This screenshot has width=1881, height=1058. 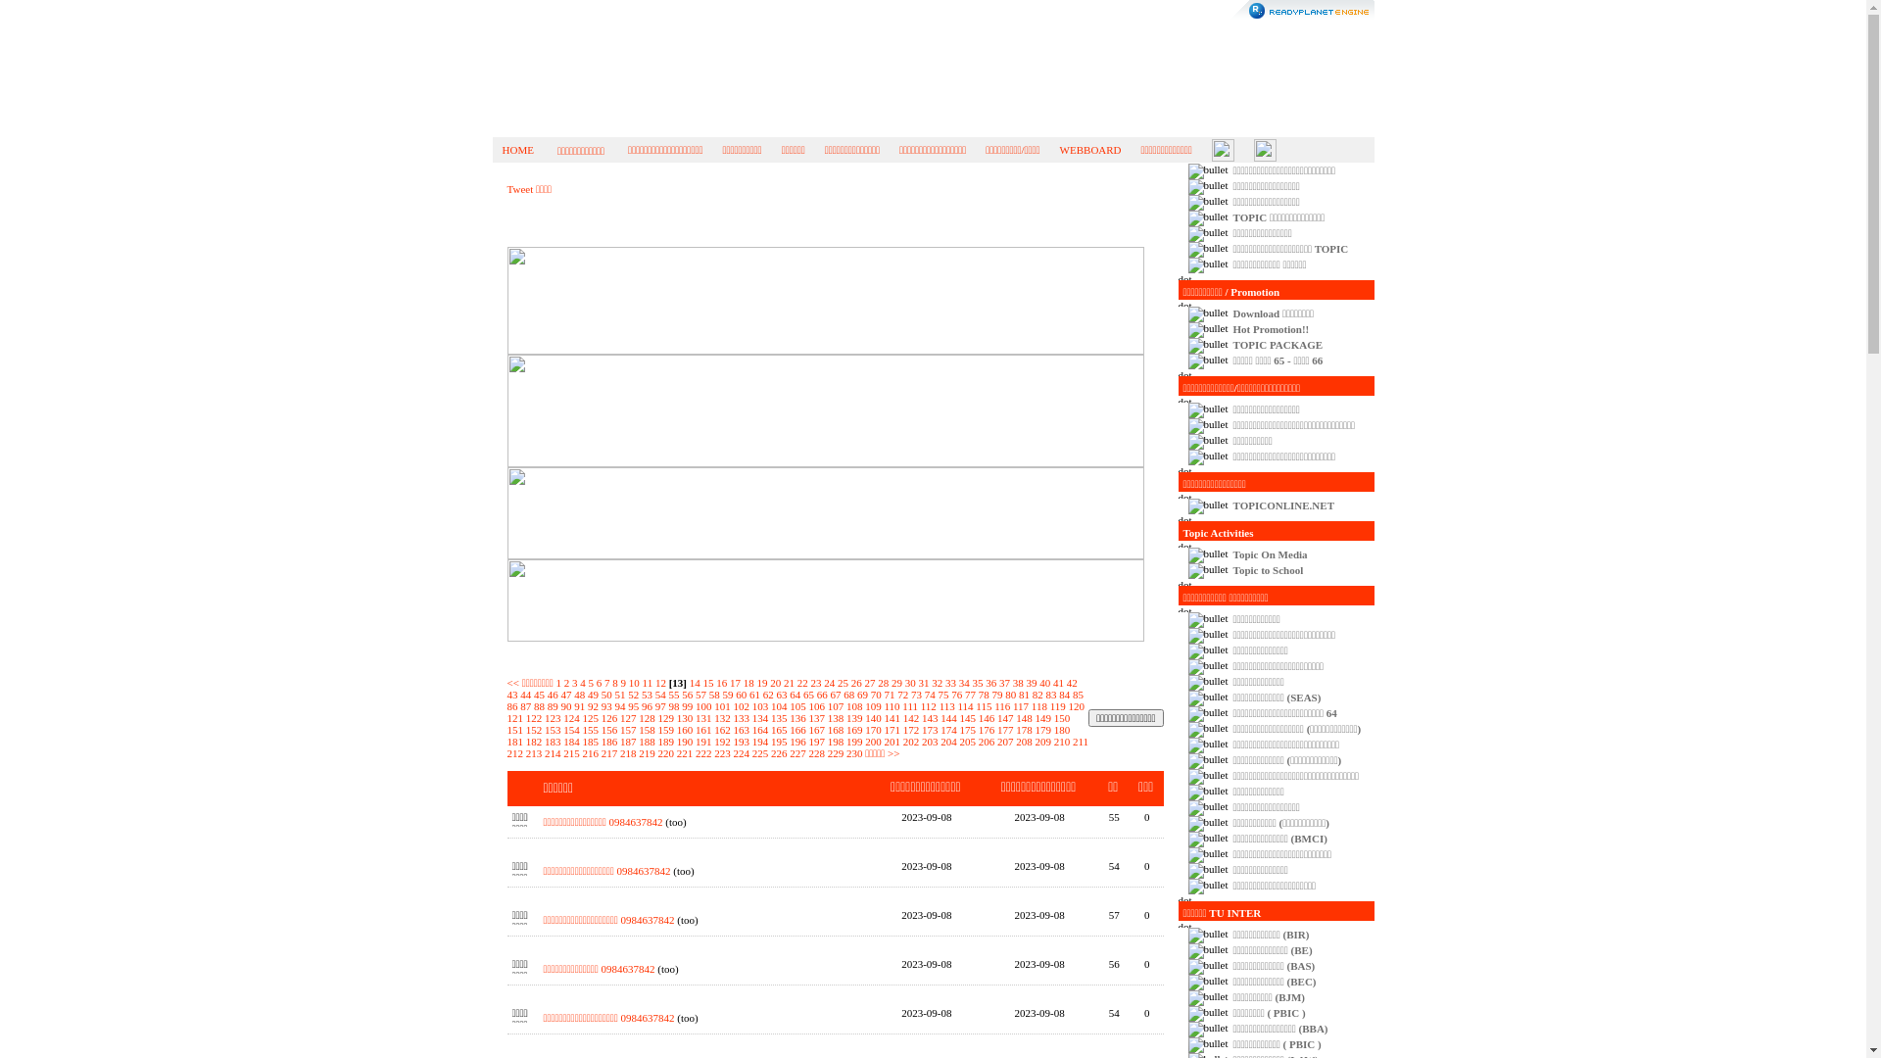 I want to click on '164', so click(x=759, y=729).